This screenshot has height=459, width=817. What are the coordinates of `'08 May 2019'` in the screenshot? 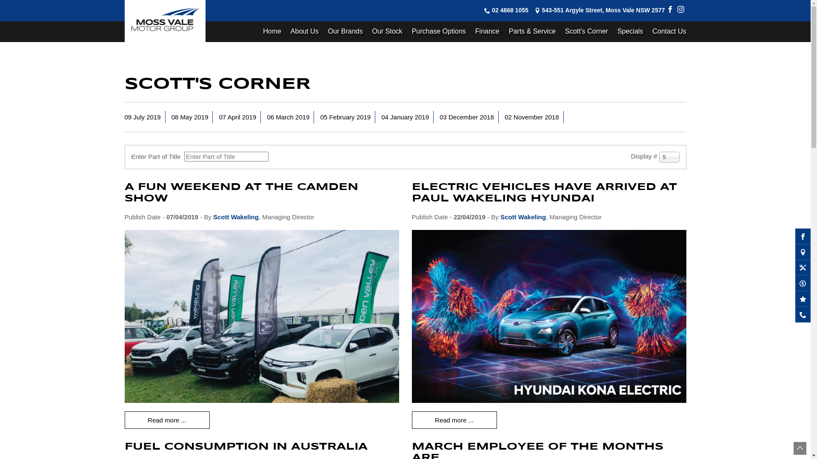 It's located at (189, 117).